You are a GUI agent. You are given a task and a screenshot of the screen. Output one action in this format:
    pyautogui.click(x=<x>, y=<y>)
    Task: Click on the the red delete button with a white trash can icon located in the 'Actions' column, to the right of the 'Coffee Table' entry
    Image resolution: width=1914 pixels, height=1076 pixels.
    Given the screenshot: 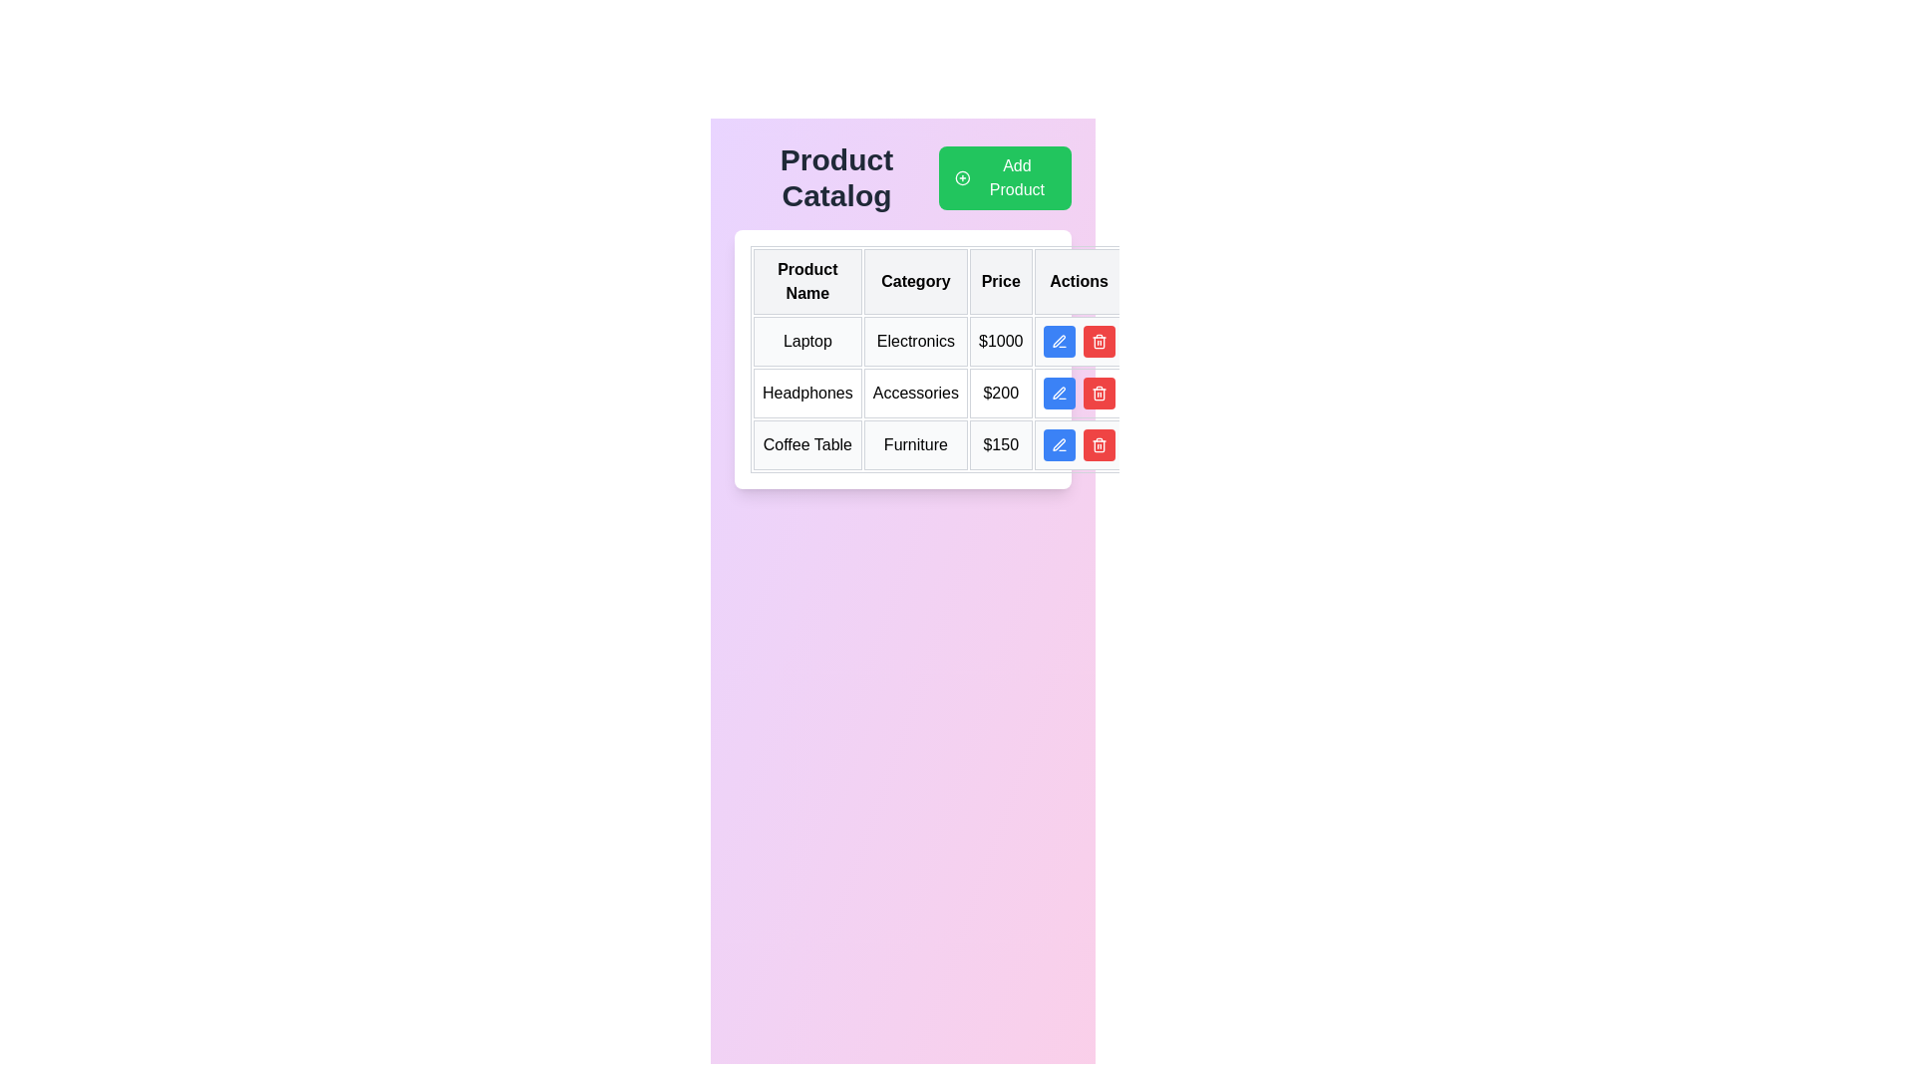 What is the action you would take?
    pyautogui.click(x=1098, y=444)
    